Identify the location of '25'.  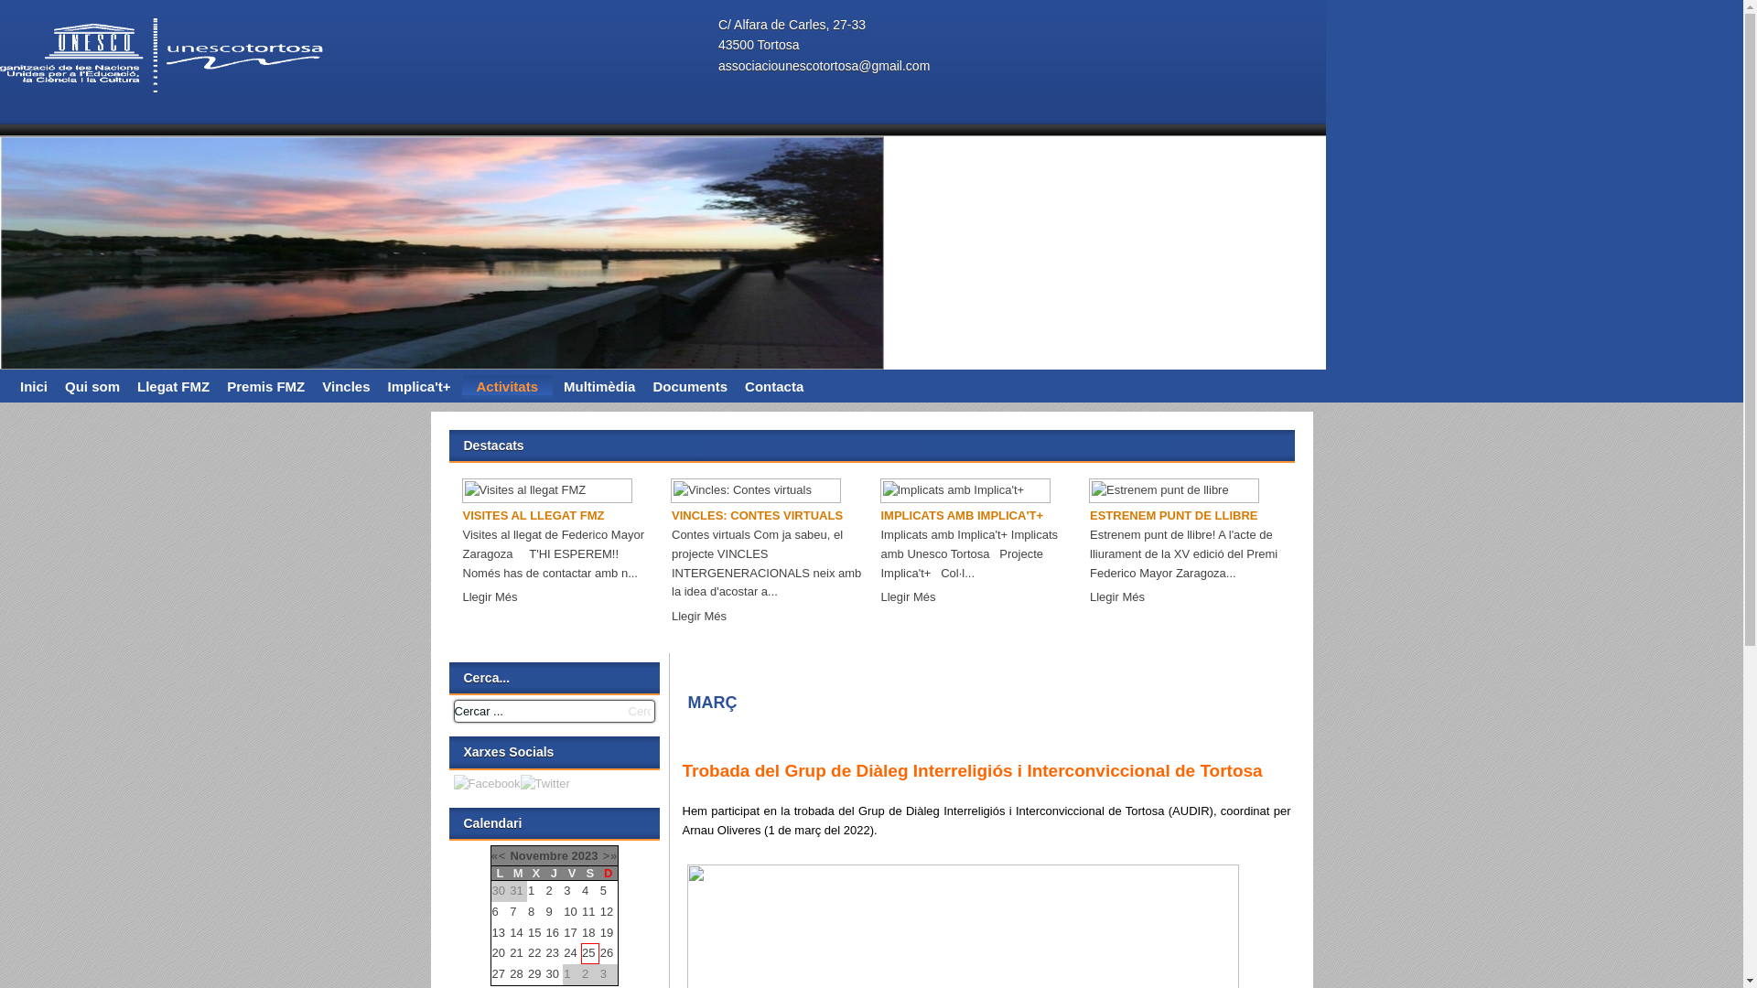
(588, 951).